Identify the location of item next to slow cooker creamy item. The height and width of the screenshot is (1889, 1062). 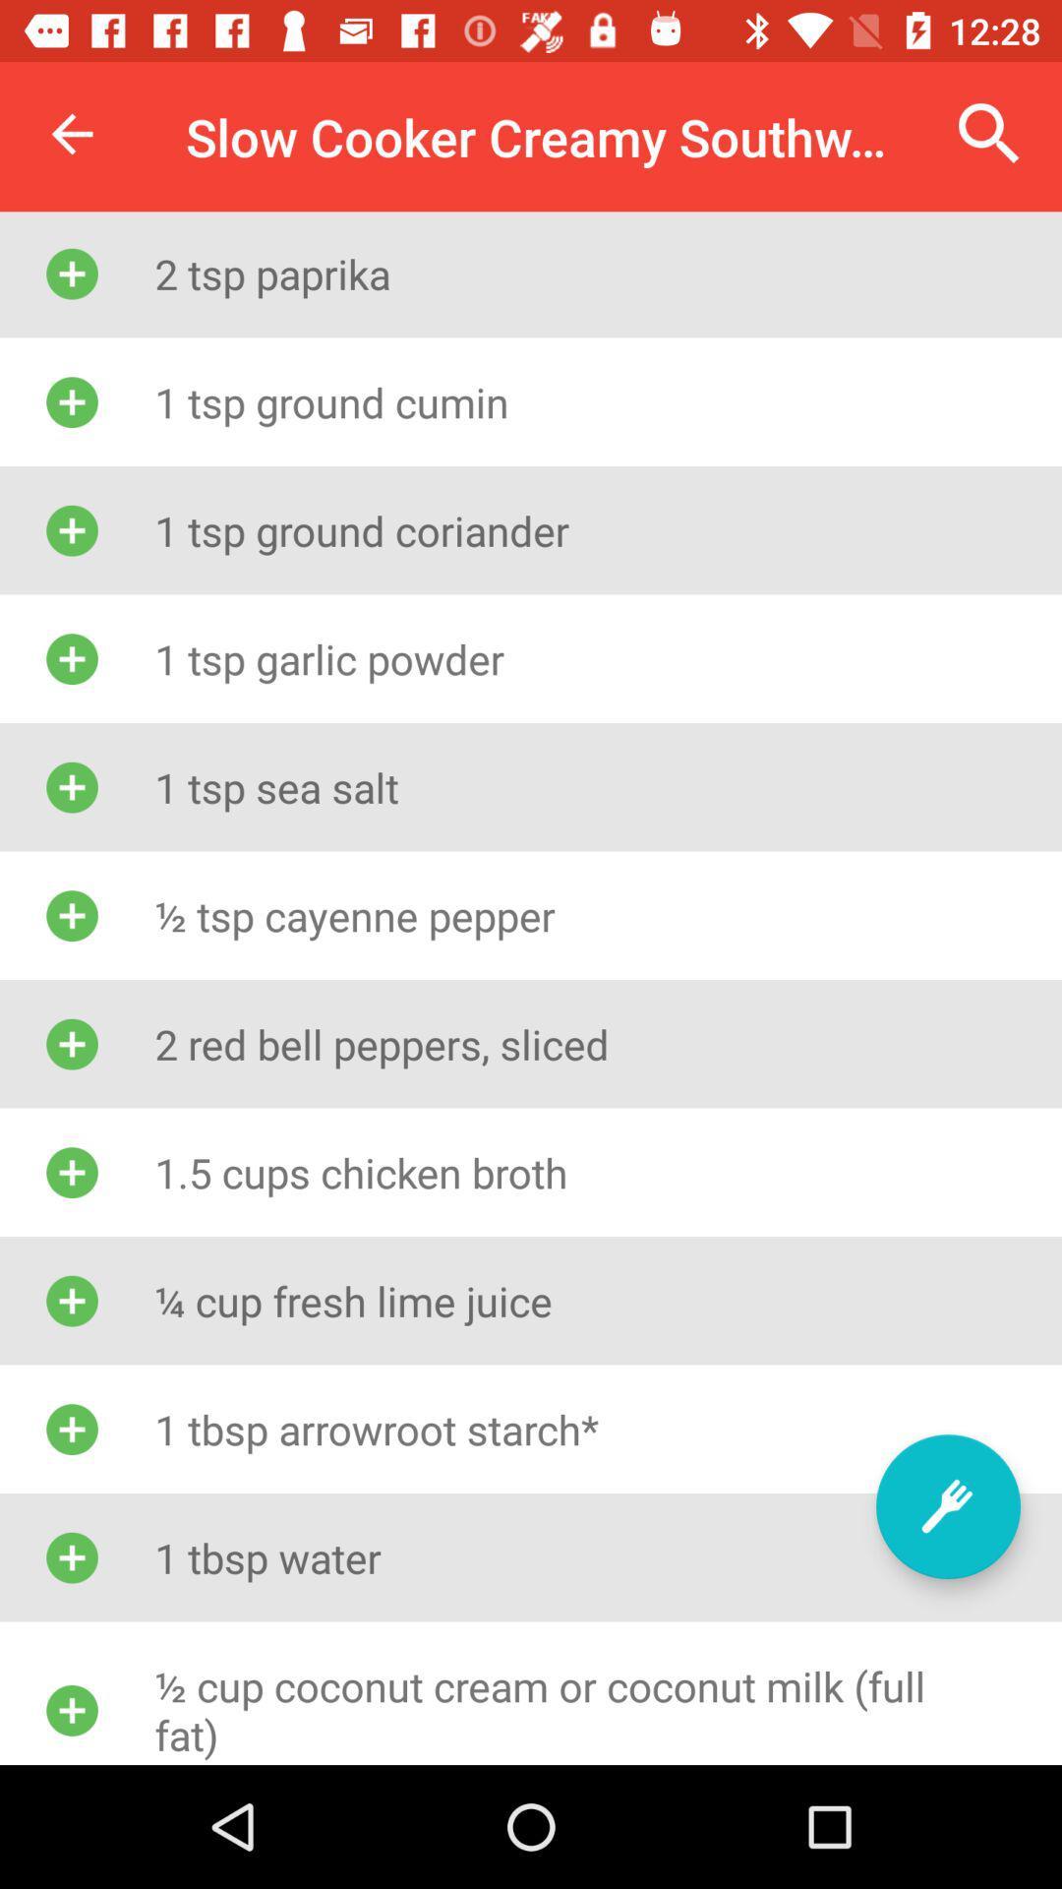
(989, 133).